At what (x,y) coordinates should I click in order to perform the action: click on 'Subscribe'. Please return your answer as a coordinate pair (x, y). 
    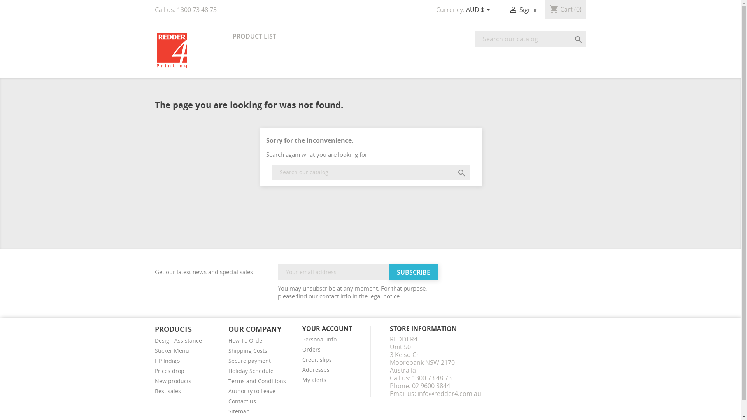
    Looking at the image, I should click on (388, 271).